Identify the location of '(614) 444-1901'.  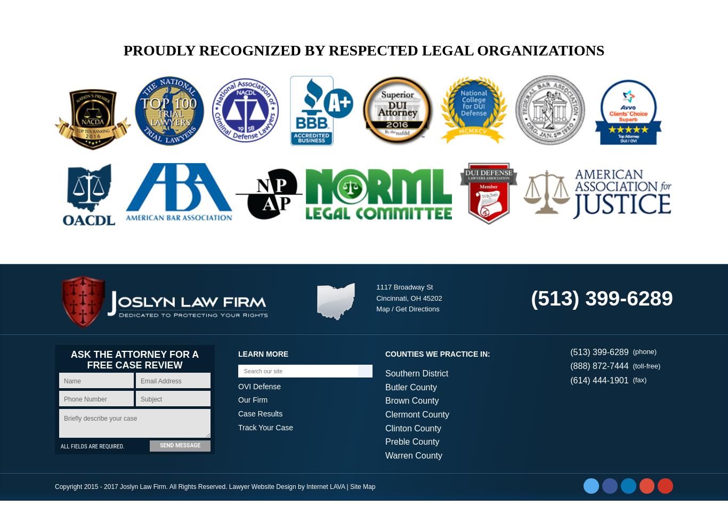
(598, 385).